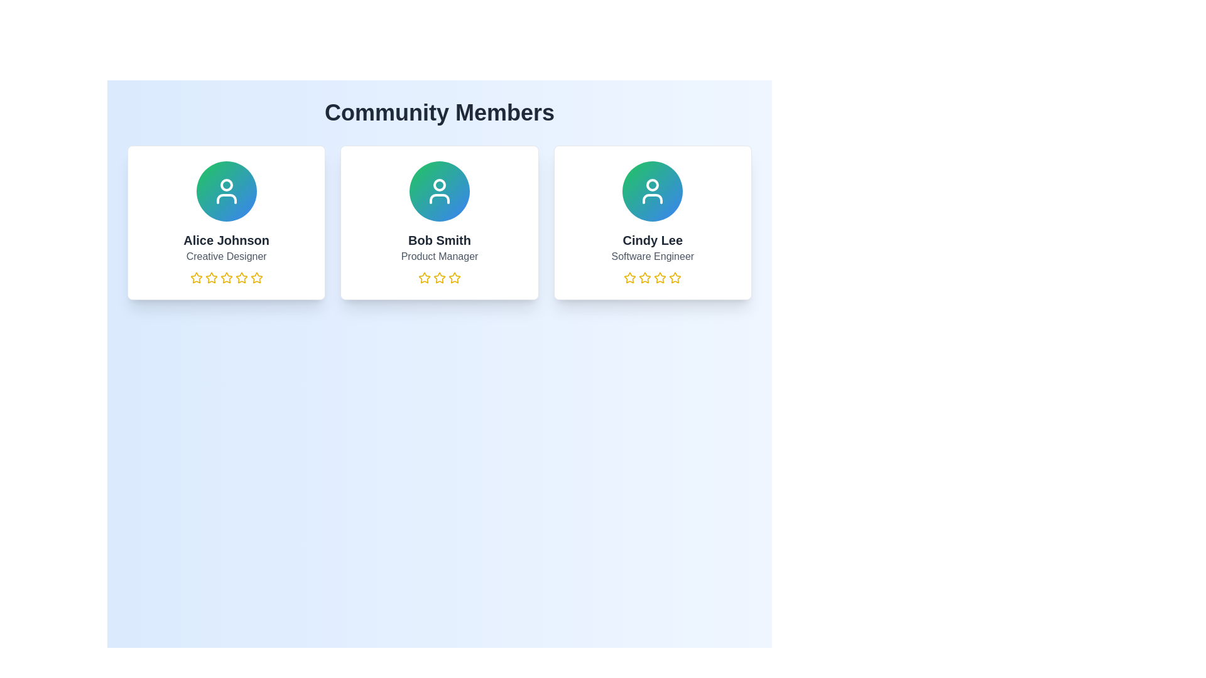 This screenshot has height=678, width=1206. I want to click on the text label displaying 'Cindy Lee' and 'Software Engineer' within the third card in the 'Community Members' section, so click(653, 257).